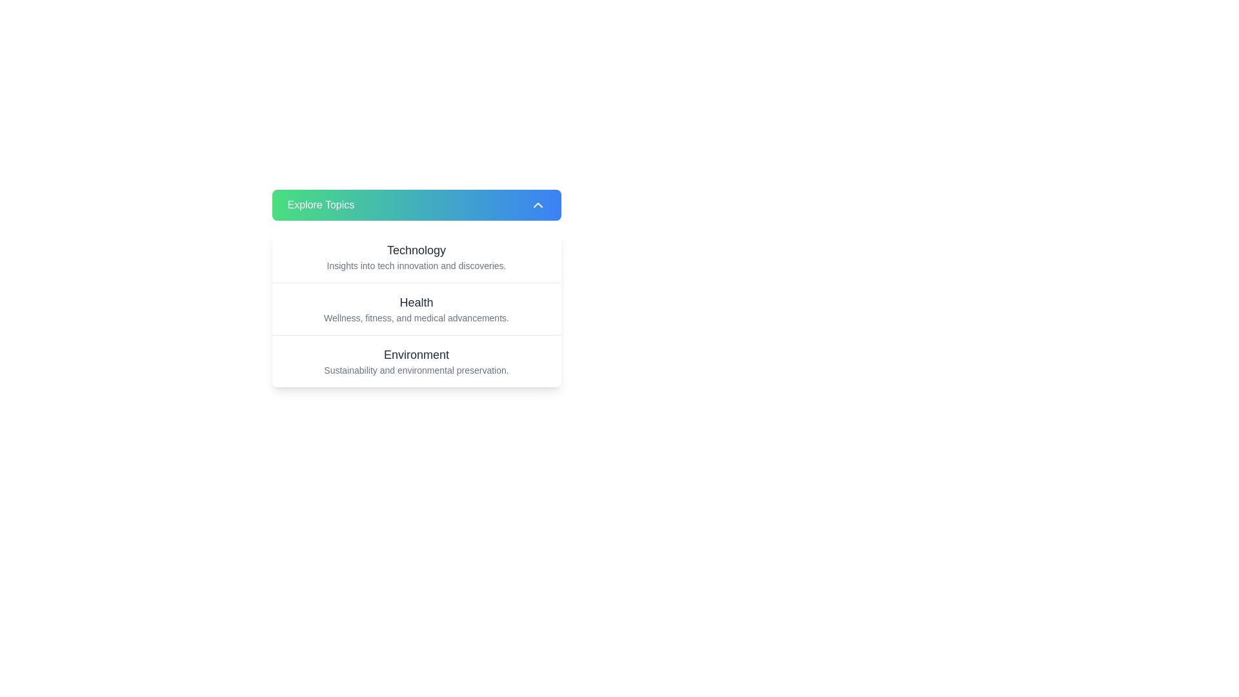 Image resolution: width=1239 pixels, height=697 pixels. Describe the element at coordinates (416, 361) in the screenshot. I see `the 'Environment' card in the 'Explore Topics' pop-up menu` at that location.